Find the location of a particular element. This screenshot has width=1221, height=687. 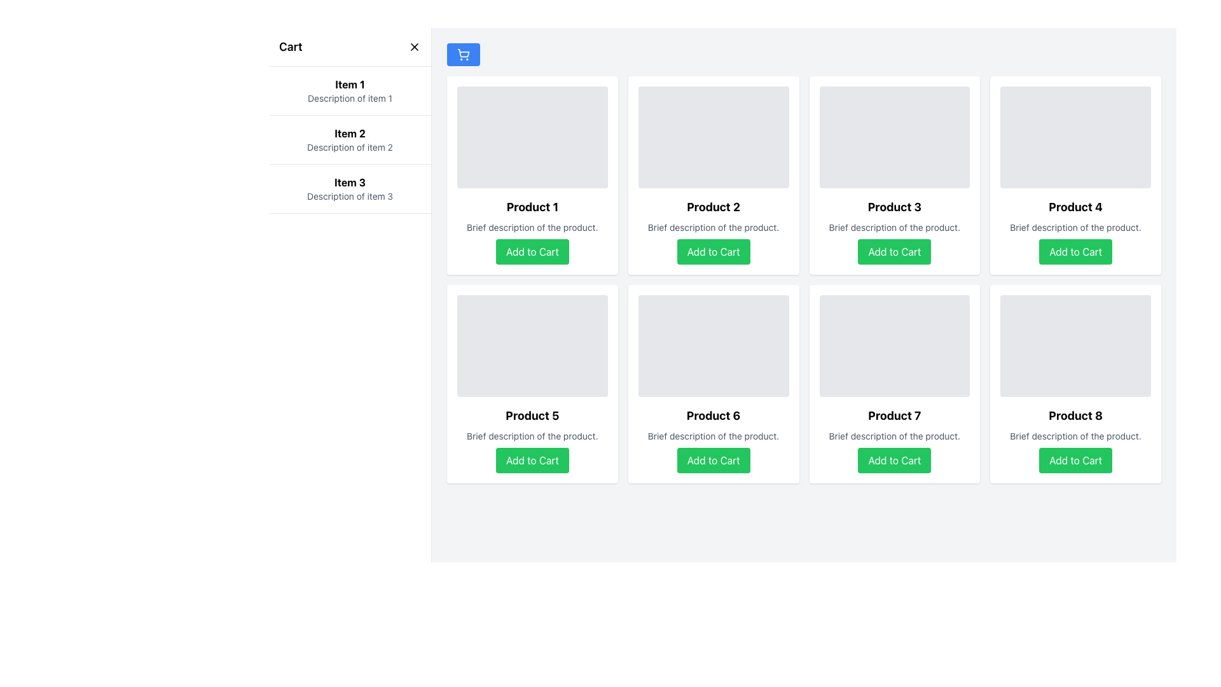

the image placeholder for 'Product 7', which is located at the top of its card in the bottom row, third column of a 4x2 grid is located at coordinates (893, 345).